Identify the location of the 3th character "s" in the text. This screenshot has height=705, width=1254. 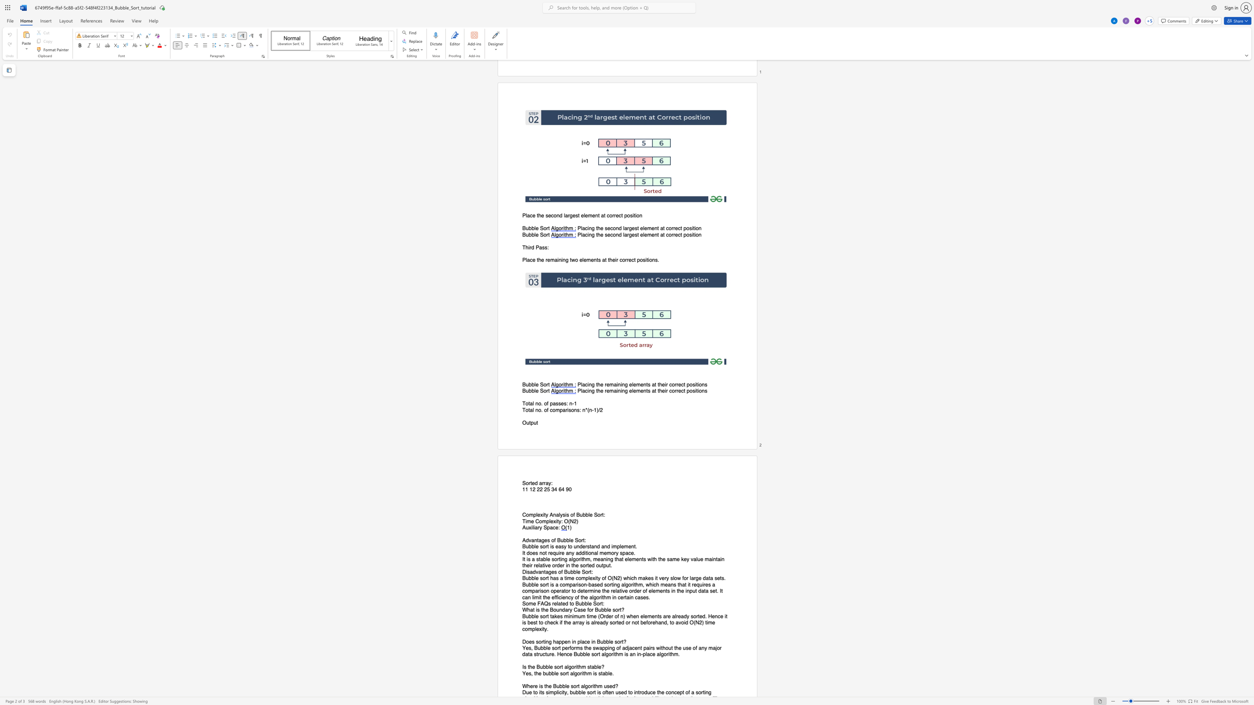
(588, 667).